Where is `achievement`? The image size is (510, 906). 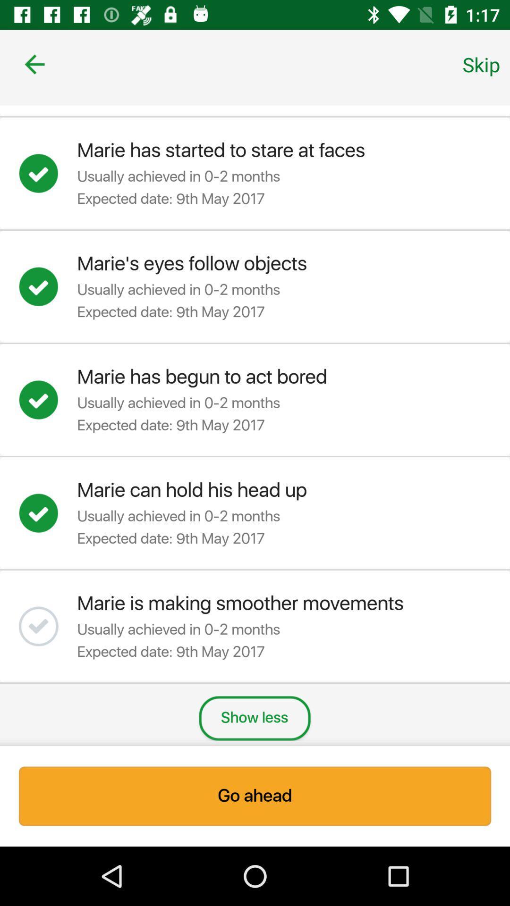
achievement is located at coordinates (48, 173).